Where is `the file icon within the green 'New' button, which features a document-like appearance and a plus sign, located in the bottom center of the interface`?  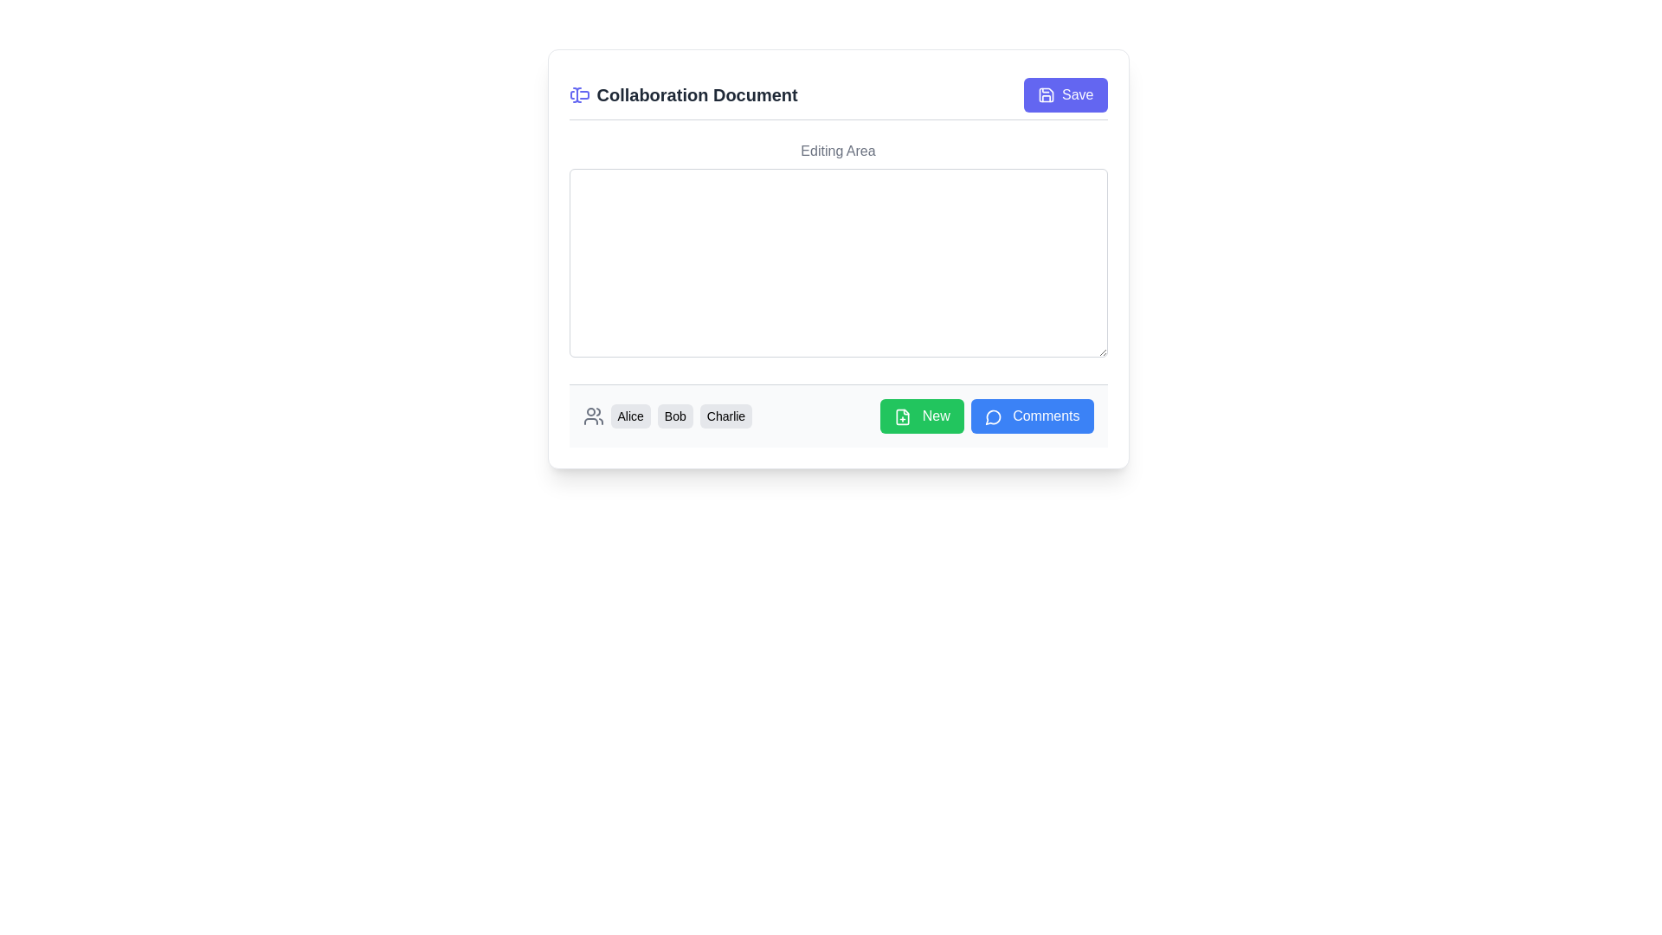
the file icon within the green 'New' button, which features a document-like appearance and a plus sign, located in the bottom center of the interface is located at coordinates (902, 416).